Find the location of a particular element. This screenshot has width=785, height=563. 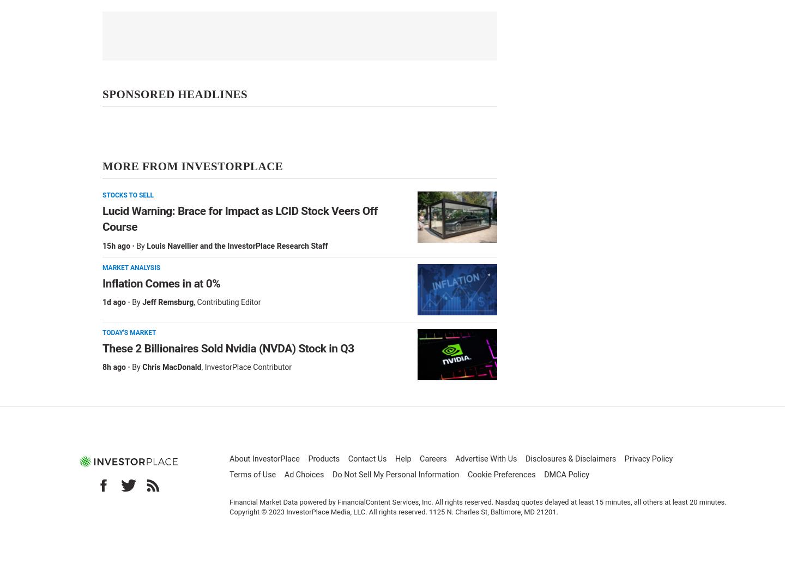

'Cookie Preferences' is located at coordinates (501, 474).